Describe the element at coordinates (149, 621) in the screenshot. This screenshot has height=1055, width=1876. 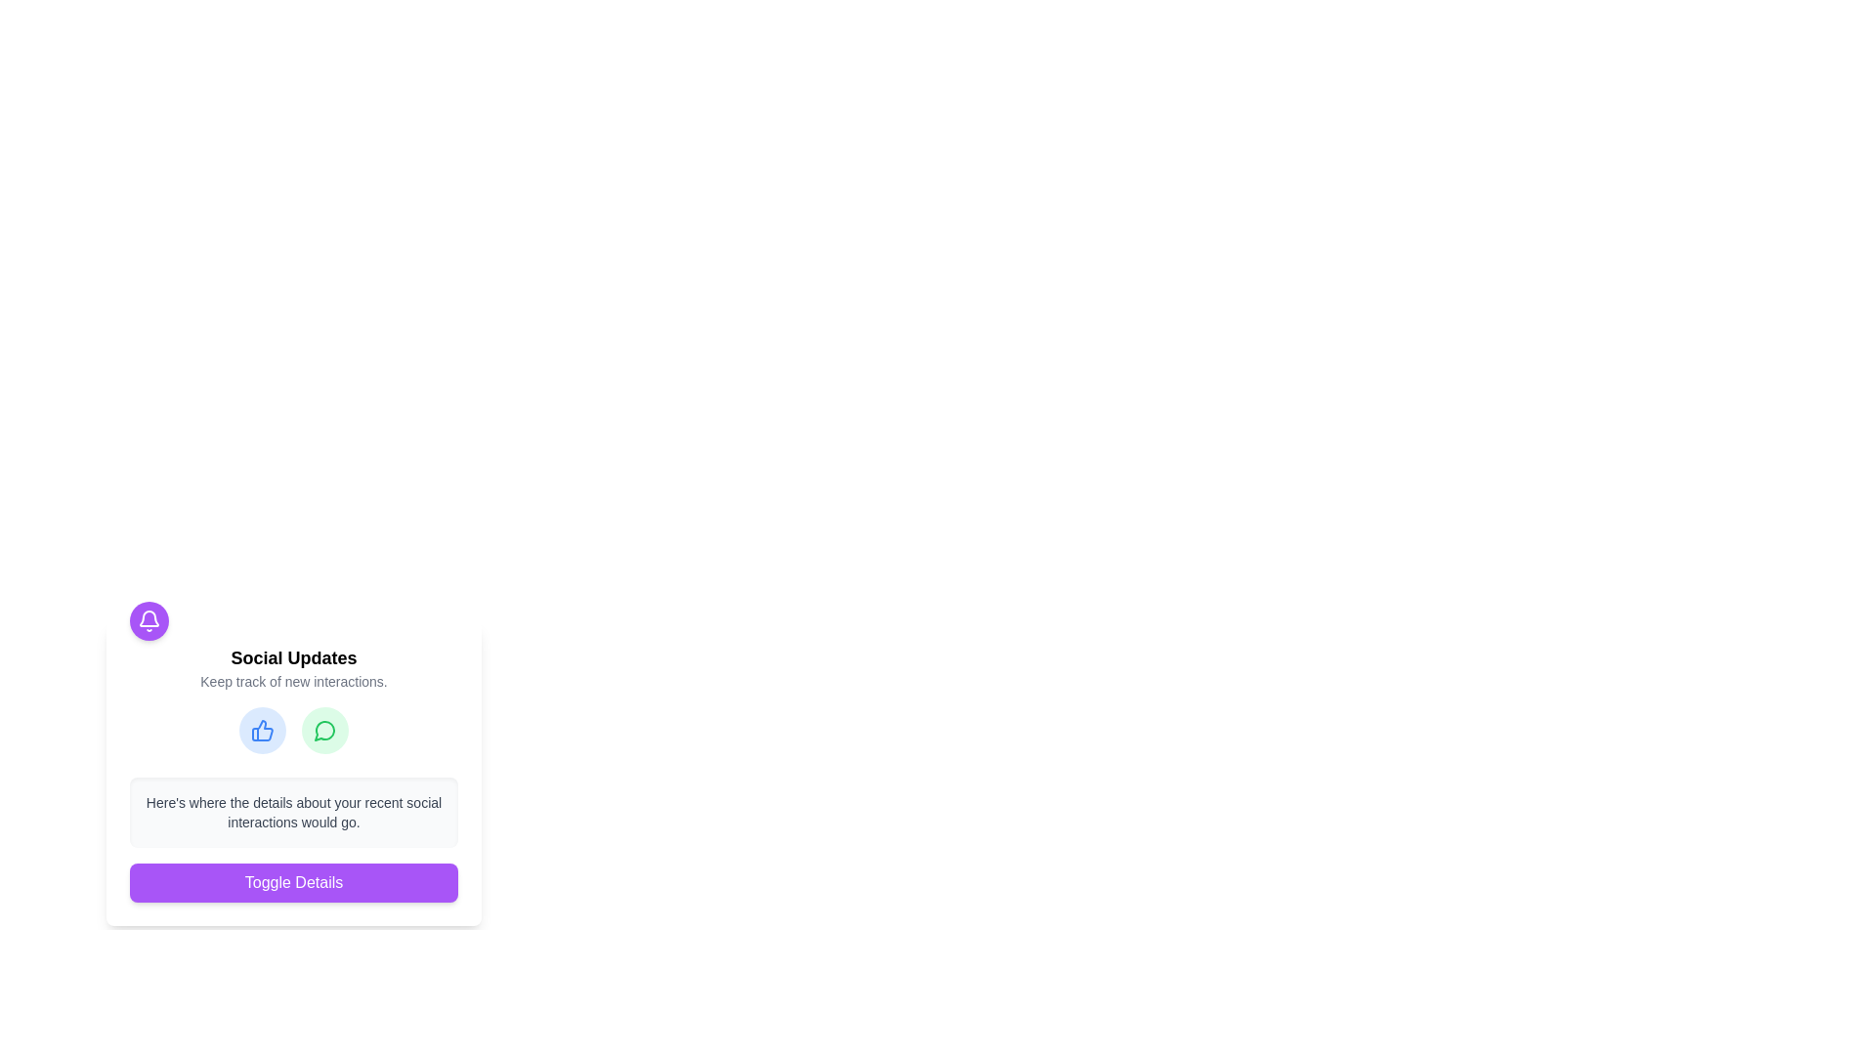
I see `the purple circular Icon Button with a white bell icon to interact with notifications` at that location.